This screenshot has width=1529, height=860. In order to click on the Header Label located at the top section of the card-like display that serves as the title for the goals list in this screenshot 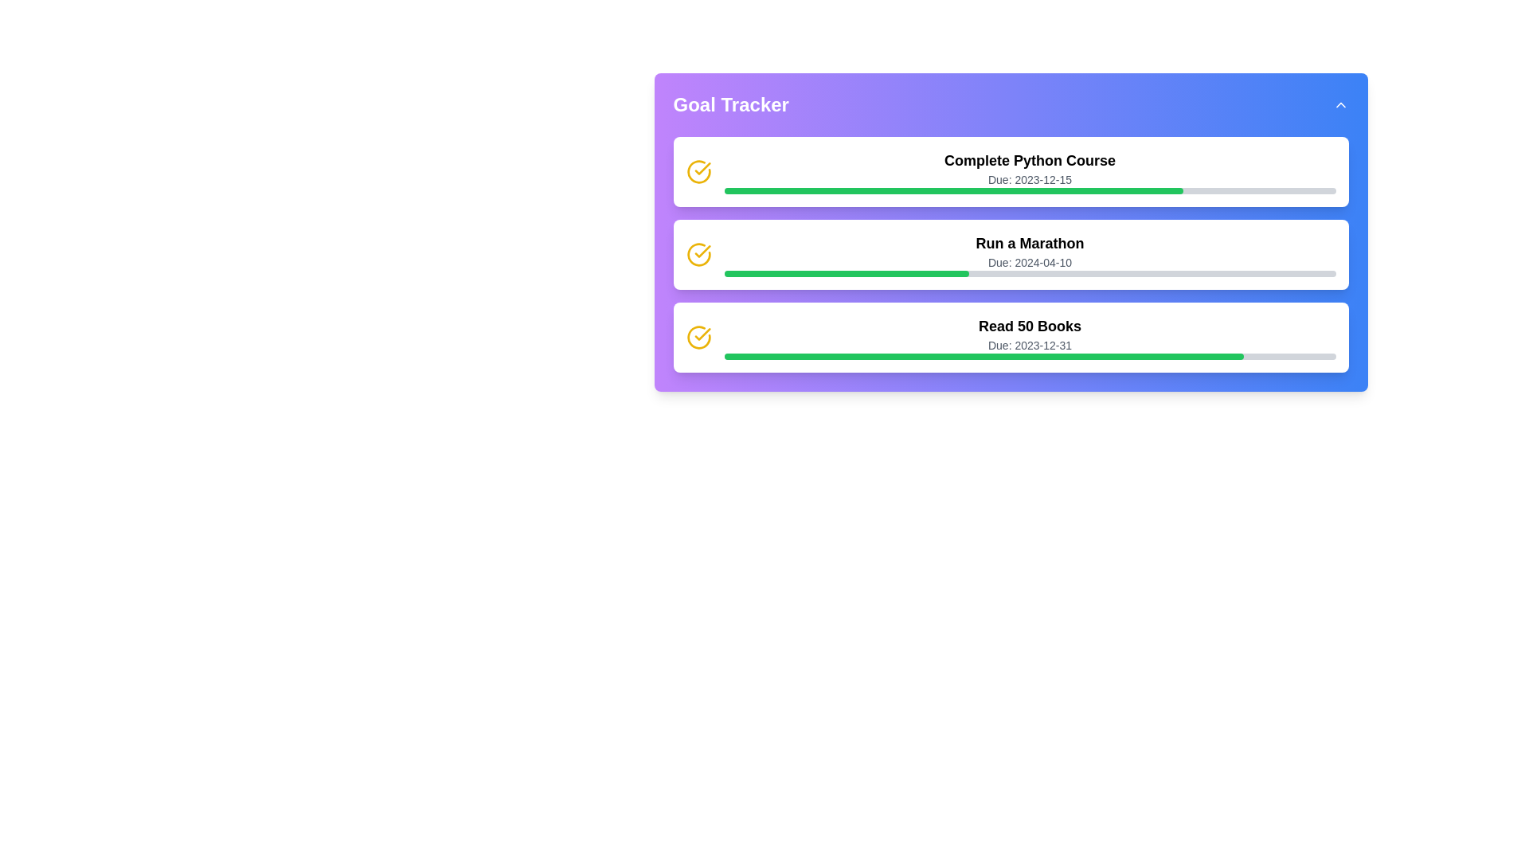, I will do `click(1010, 104)`.